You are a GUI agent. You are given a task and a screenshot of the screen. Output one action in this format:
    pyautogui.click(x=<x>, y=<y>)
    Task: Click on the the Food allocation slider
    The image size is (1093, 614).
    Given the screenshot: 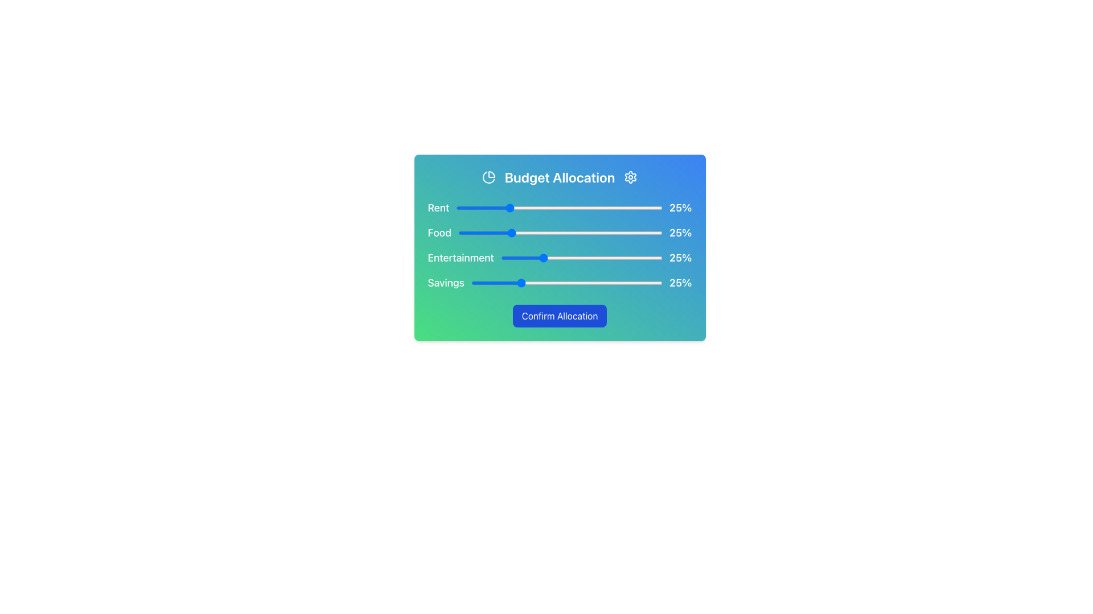 What is the action you would take?
    pyautogui.click(x=591, y=232)
    